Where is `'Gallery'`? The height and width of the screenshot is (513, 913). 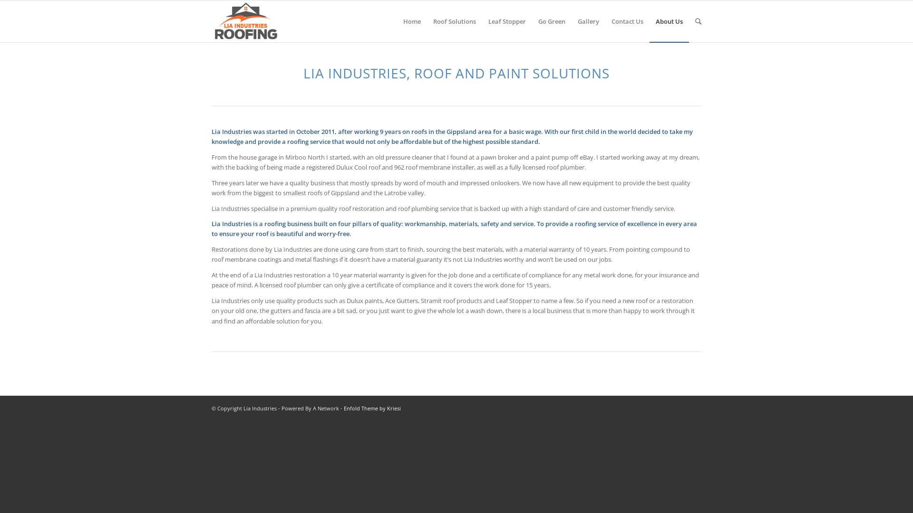 'Gallery' is located at coordinates (588, 21).